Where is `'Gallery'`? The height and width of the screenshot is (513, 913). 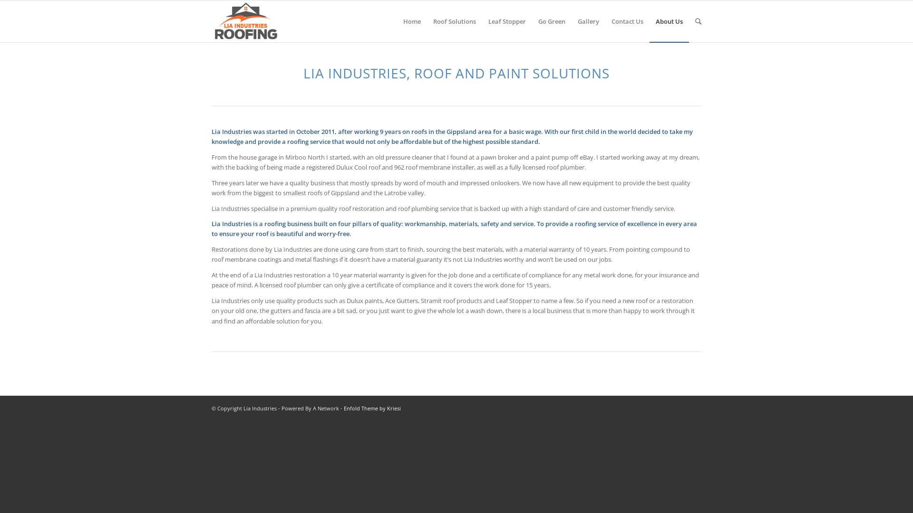 'Gallery' is located at coordinates (588, 21).